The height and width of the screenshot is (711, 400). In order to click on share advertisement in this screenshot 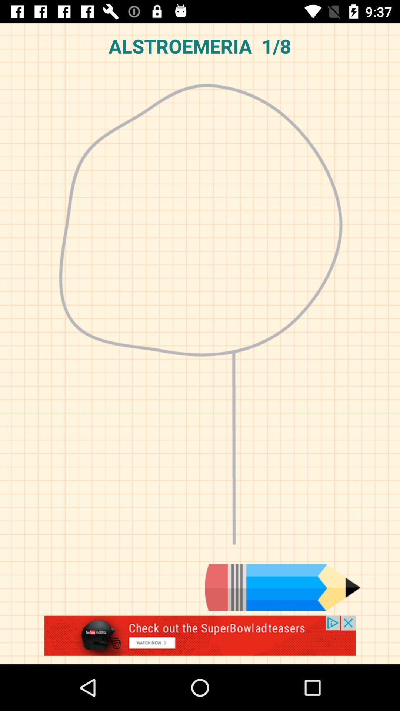, I will do `click(200, 640)`.